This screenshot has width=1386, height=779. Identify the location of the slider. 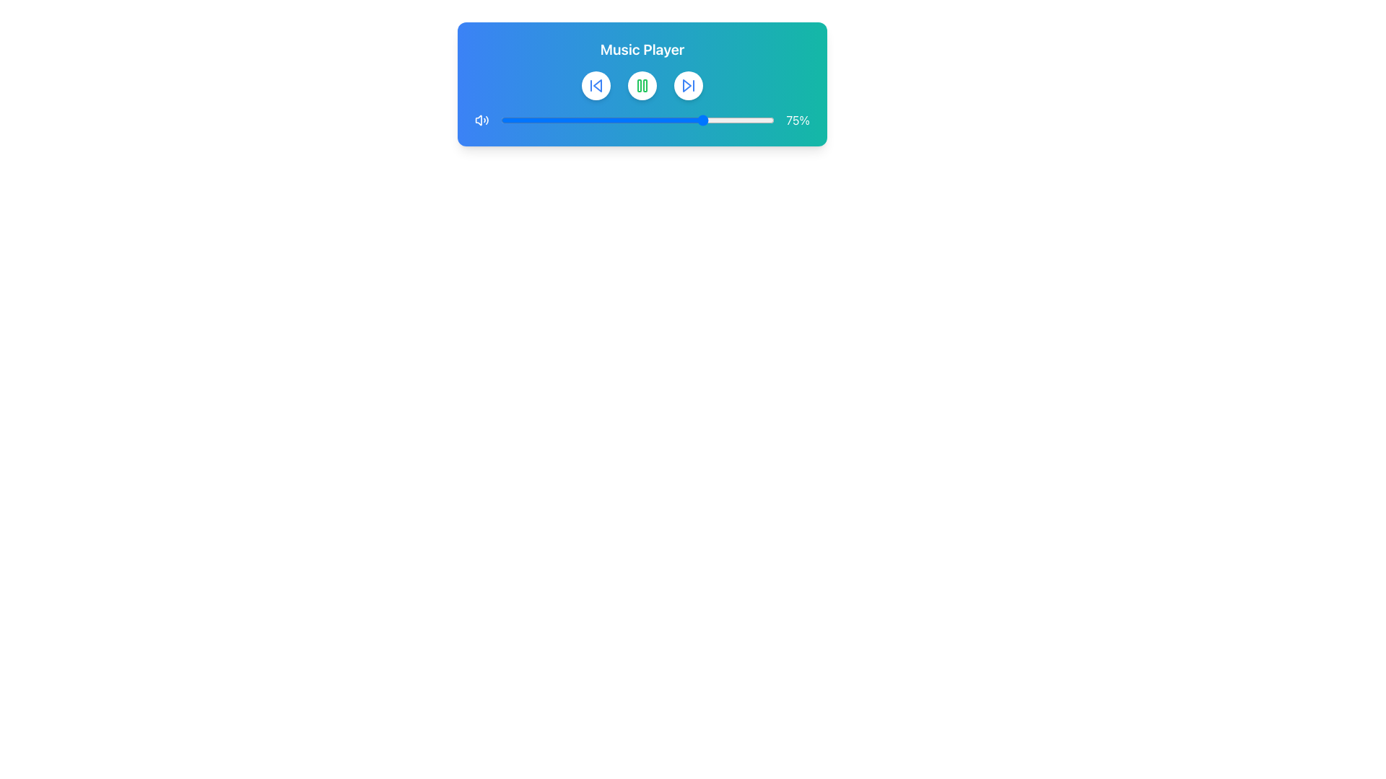
(717, 119).